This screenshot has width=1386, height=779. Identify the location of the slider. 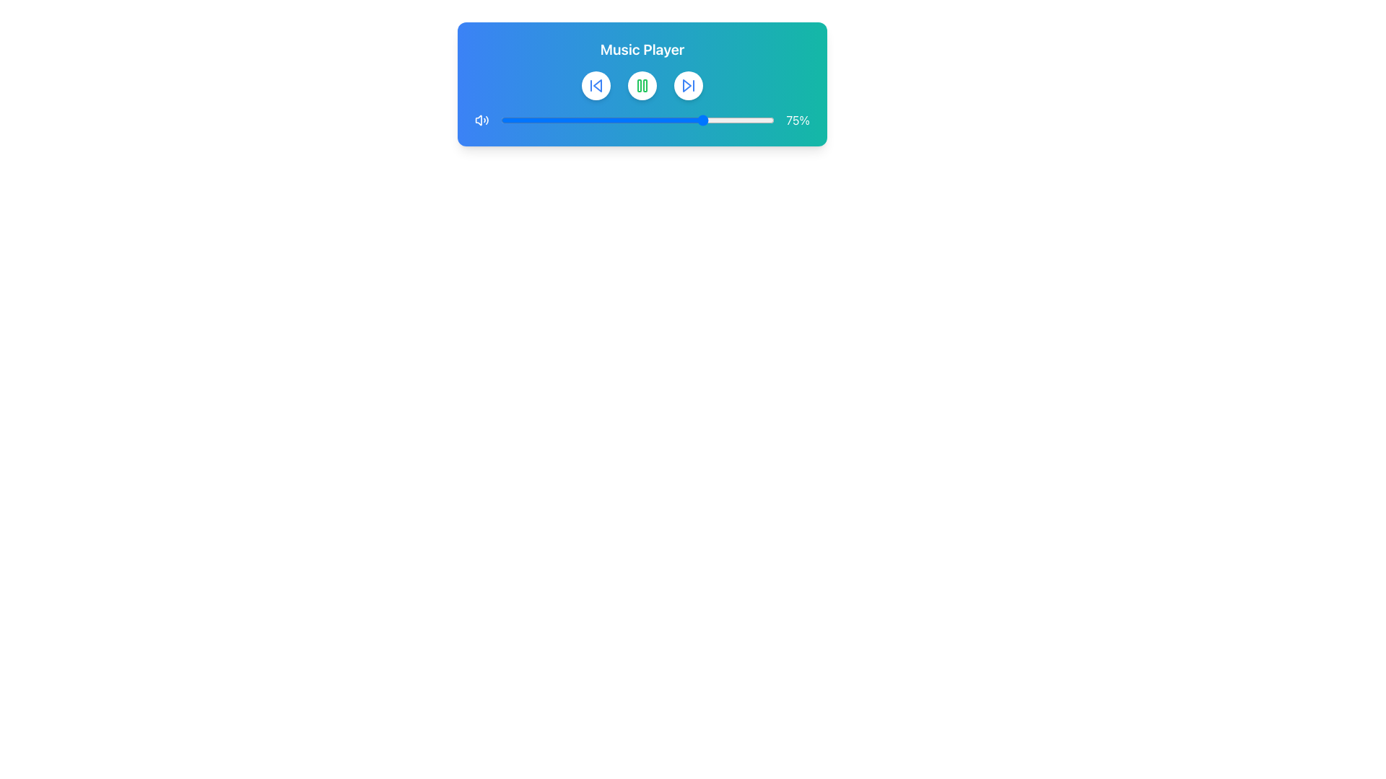
(717, 119).